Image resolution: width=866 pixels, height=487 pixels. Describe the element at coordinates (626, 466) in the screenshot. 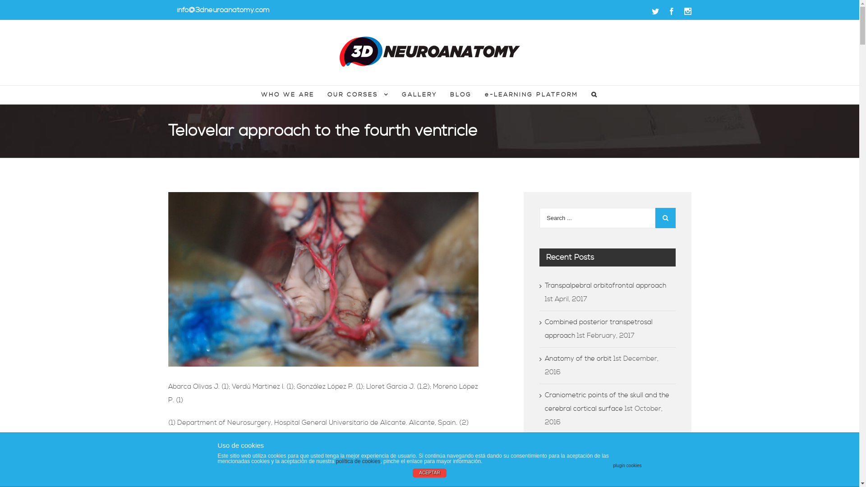

I see `'plugin cookies'` at that location.